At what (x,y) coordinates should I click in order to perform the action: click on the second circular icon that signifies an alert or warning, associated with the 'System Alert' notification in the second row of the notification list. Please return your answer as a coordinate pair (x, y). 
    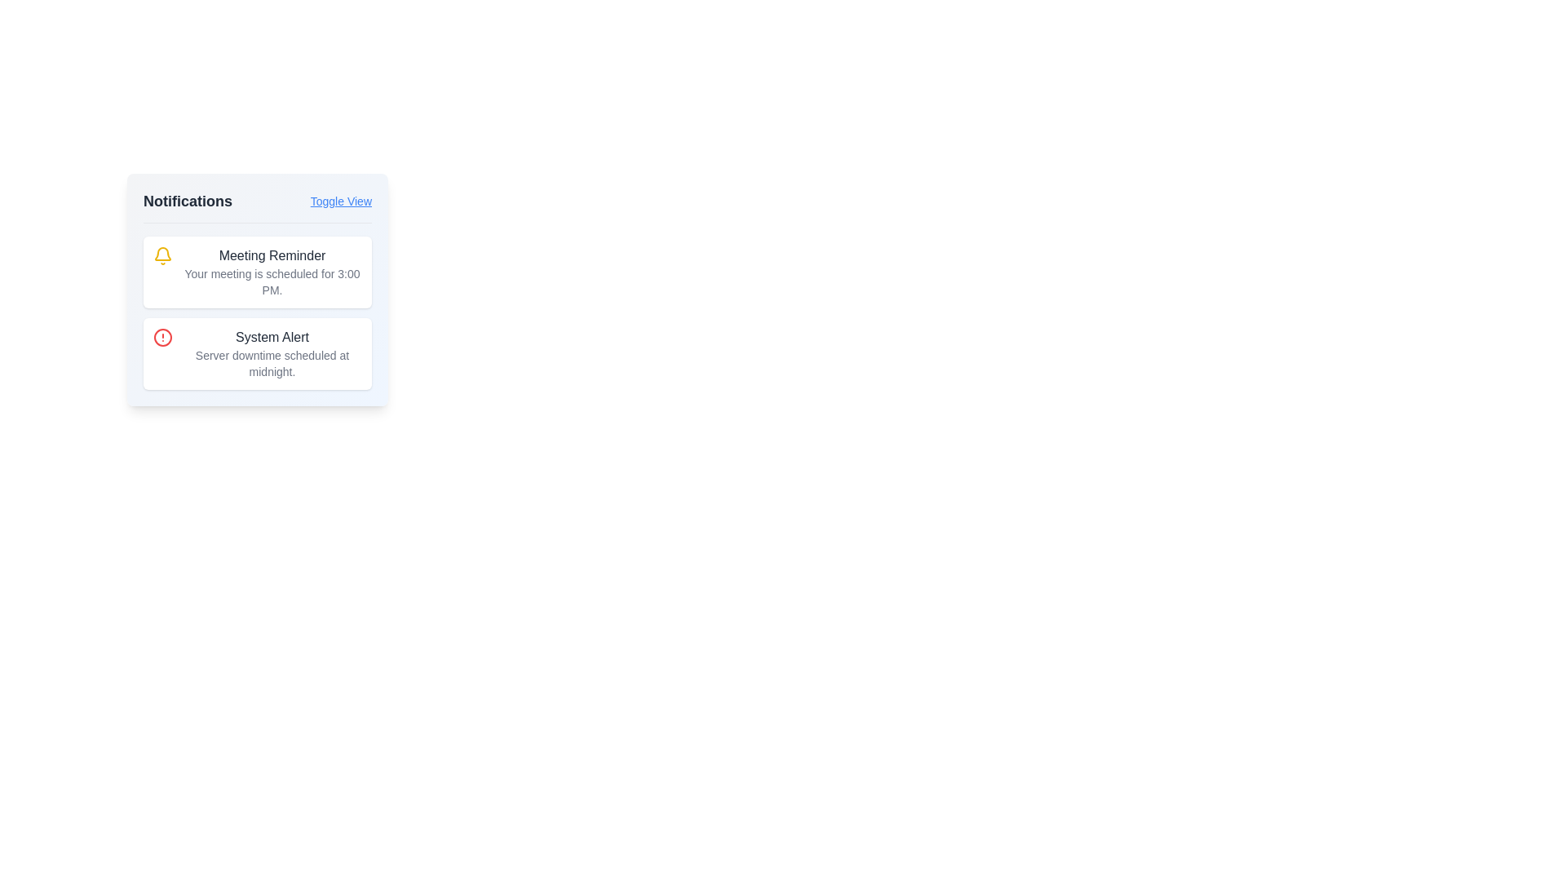
    Looking at the image, I should click on (163, 336).